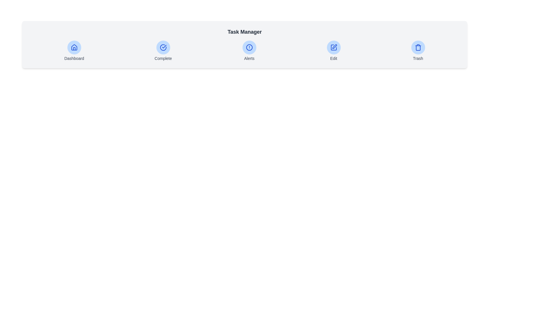 The image size is (553, 311). Describe the element at coordinates (334, 51) in the screenshot. I see `the 'Edit' button, which is located in the fourth position from the left between the 'Alerts' and 'Trash' buttons` at that location.